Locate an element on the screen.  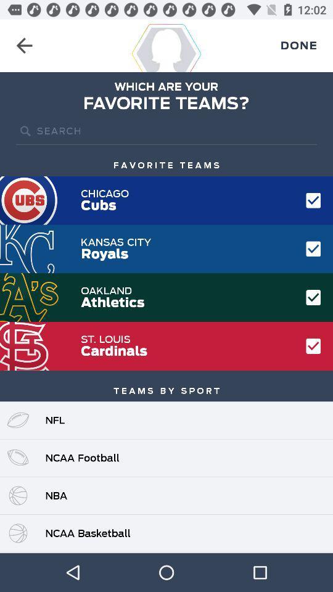
go back is located at coordinates (24, 46).